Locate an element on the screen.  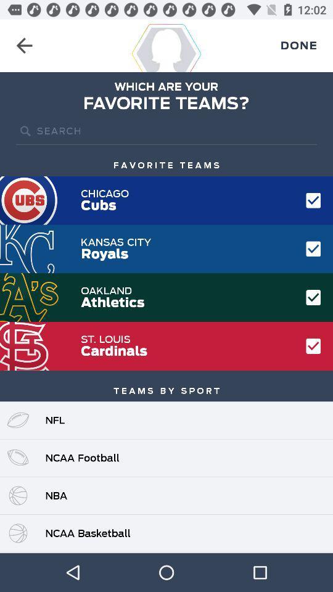
go back is located at coordinates (24, 46).